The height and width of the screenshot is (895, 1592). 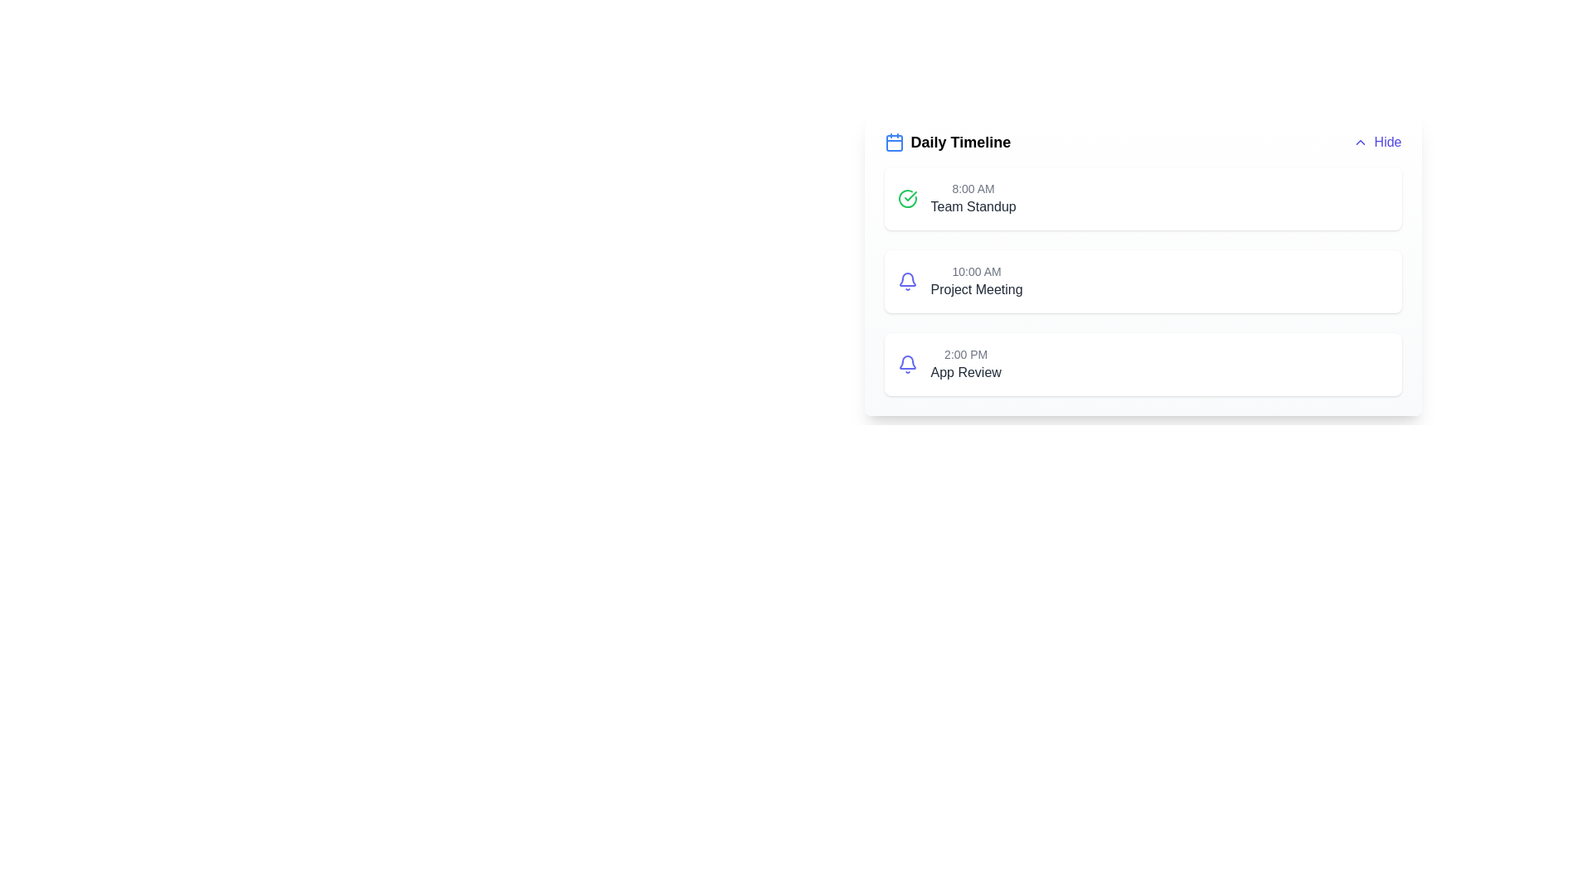 What do you see at coordinates (947, 142) in the screenshot?
I see `the 'Daily Timeline' header element, which consists of a calendar icon and bold text` at bounding box center [947, 142].